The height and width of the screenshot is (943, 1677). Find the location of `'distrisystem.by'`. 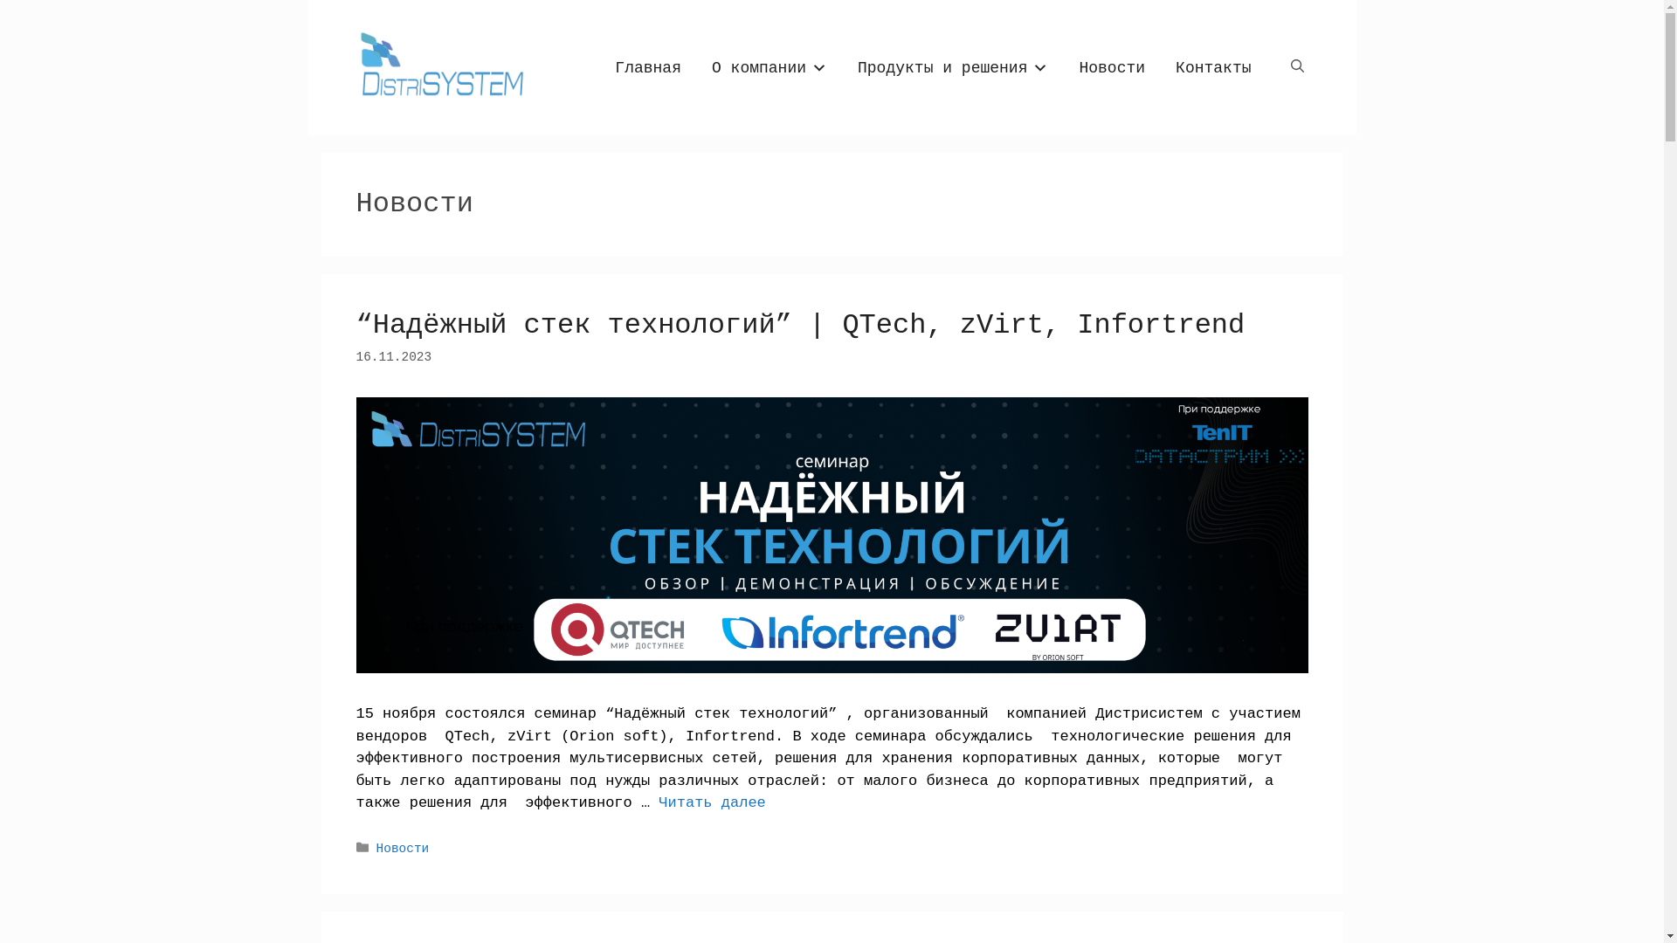

'distrisystem.by' is located at coordinates (438, 66).